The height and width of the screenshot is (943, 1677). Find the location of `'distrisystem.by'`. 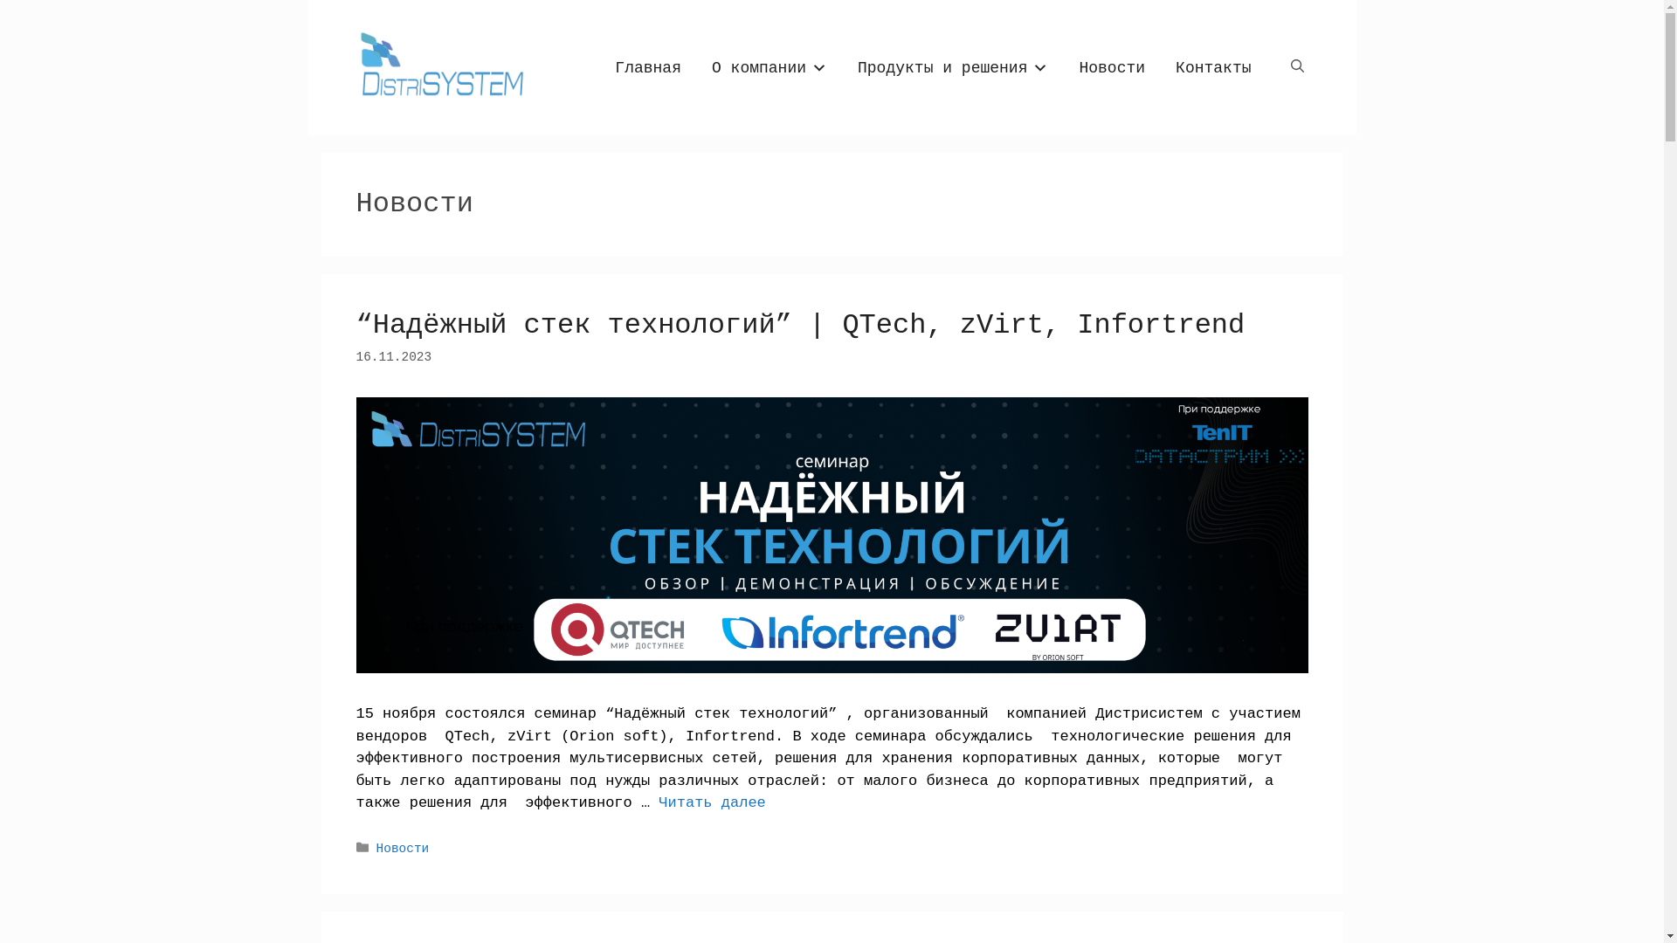

'distrisystem.by' is located at coordinates (438, 66).